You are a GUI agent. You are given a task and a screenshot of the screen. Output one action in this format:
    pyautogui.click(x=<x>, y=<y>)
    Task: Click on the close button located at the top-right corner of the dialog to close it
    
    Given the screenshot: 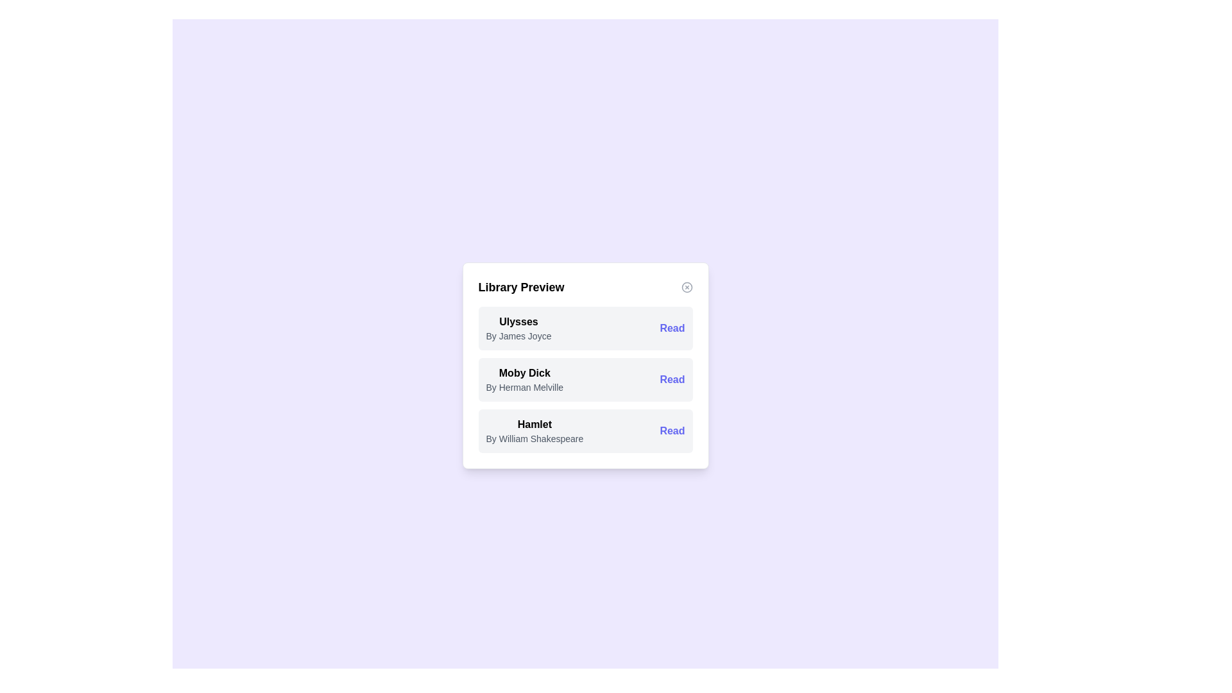 What is the action you would take?
    pyautogui.click(x=686, y=286)
    